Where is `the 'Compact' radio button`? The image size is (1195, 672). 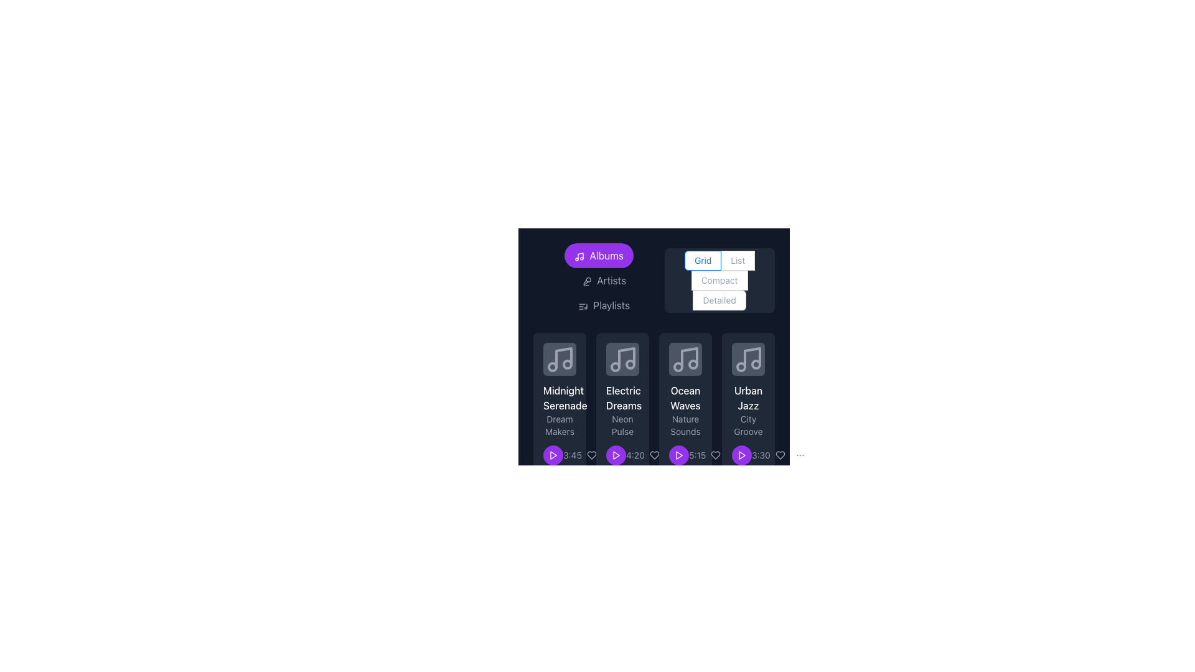 the 'Compact' radio button is located at coordinates (738, 260).